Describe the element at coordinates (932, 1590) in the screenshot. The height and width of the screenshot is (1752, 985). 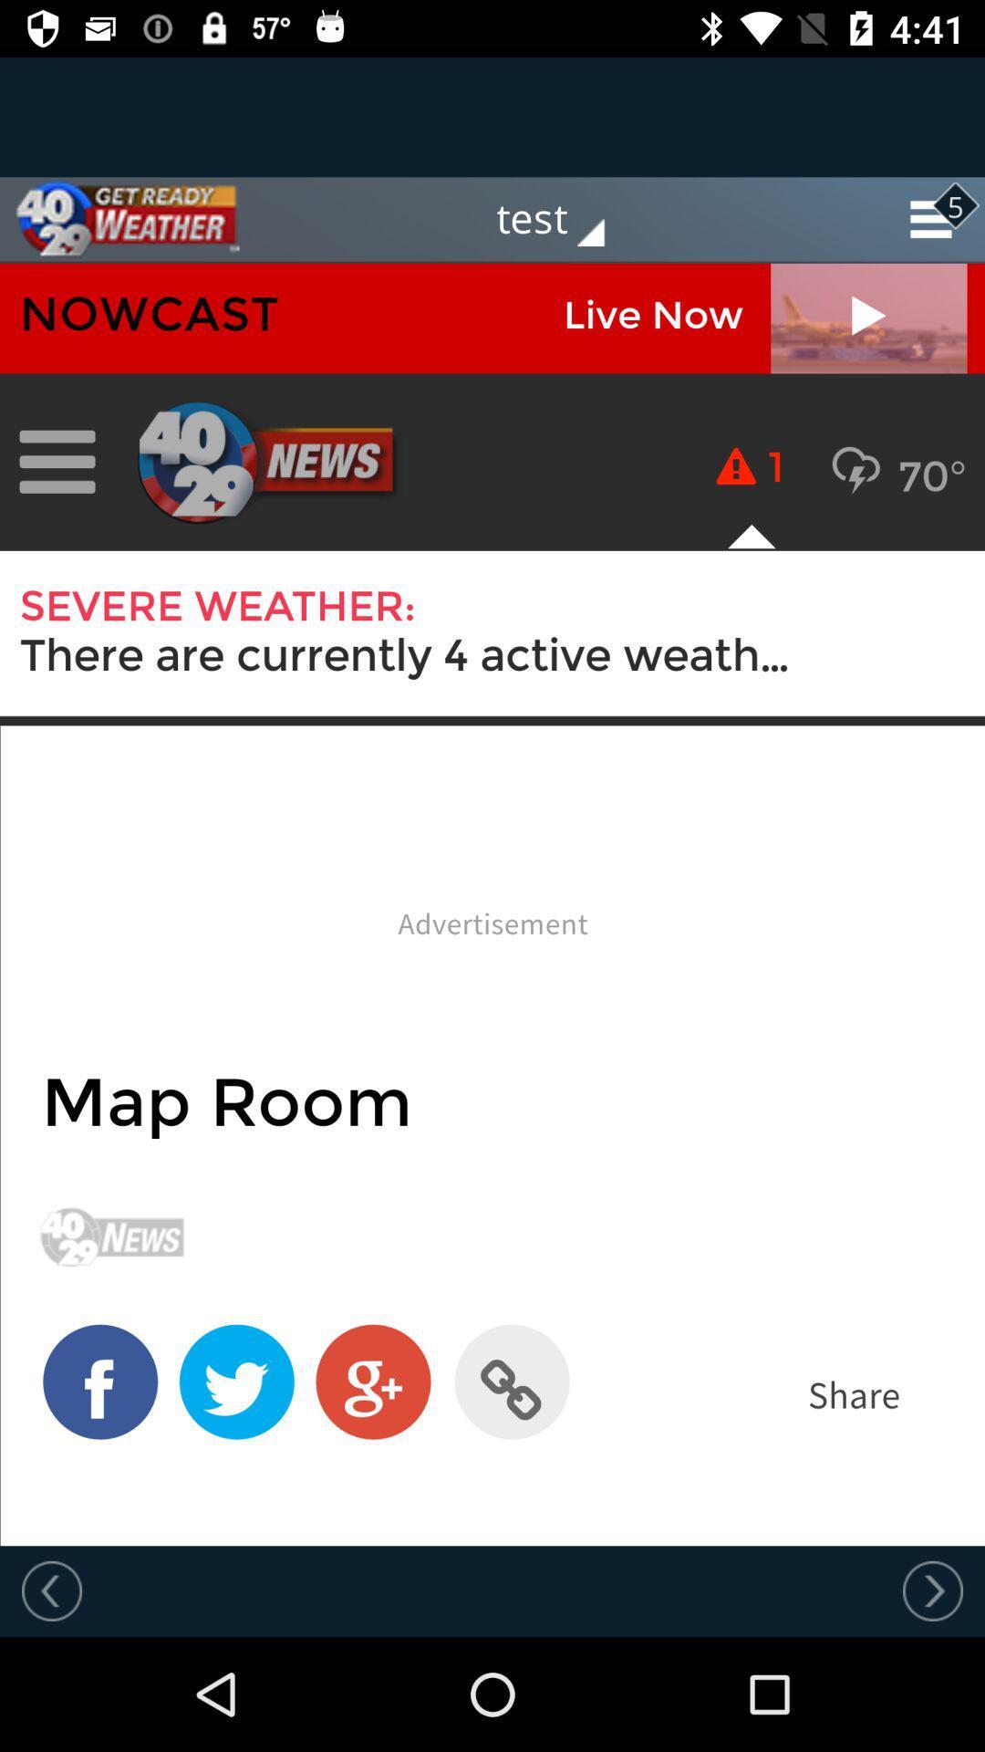
I see `next page` at that location.